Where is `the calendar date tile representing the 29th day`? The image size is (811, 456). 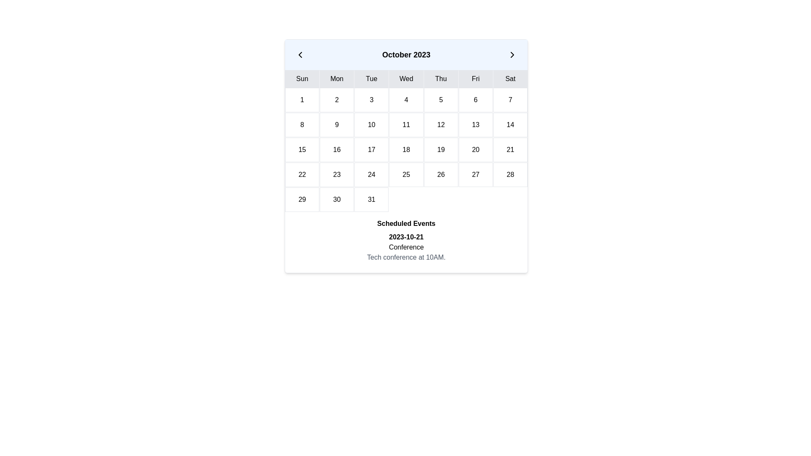
the calendar date tile representing the 29th day is located at coordinates (302, 200).